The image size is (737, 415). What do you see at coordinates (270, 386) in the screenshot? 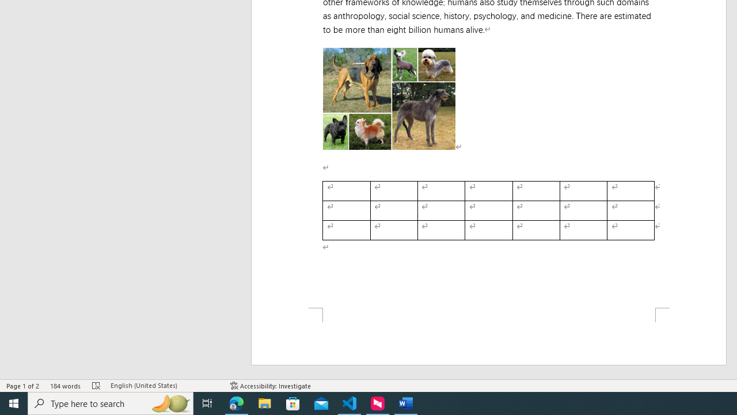
I see `'Accessibility Checker Accessibility: Investigate'` at bounding box center [270, 386].